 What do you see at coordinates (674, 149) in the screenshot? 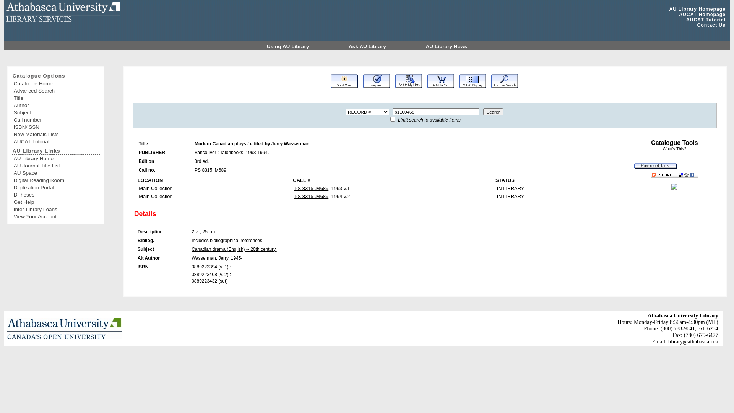
I see `'What's This?'` at bounding box center [674, 149].